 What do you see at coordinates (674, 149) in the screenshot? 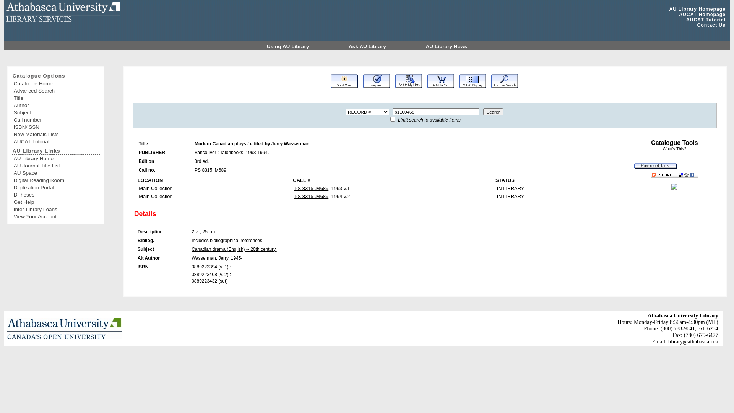
I see `'What's This?'` at bounding box center [674, 149].